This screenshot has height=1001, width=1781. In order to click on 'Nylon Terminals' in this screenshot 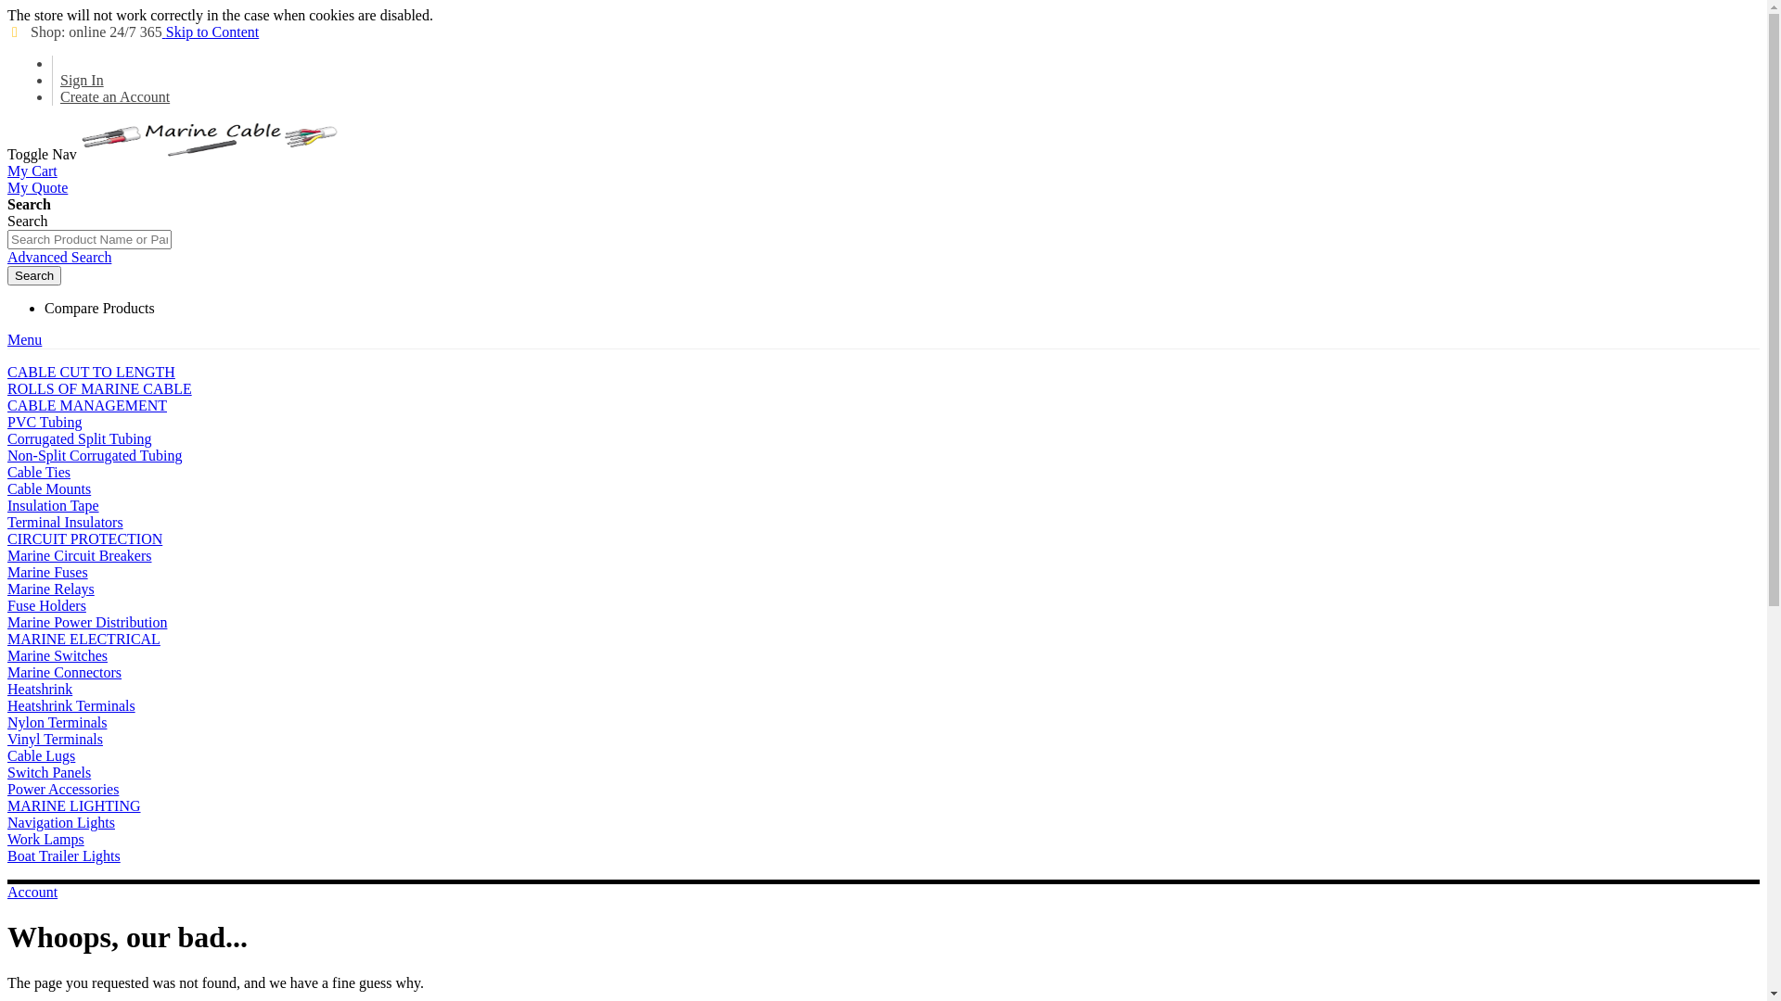, I will do `click(7, 721)`.